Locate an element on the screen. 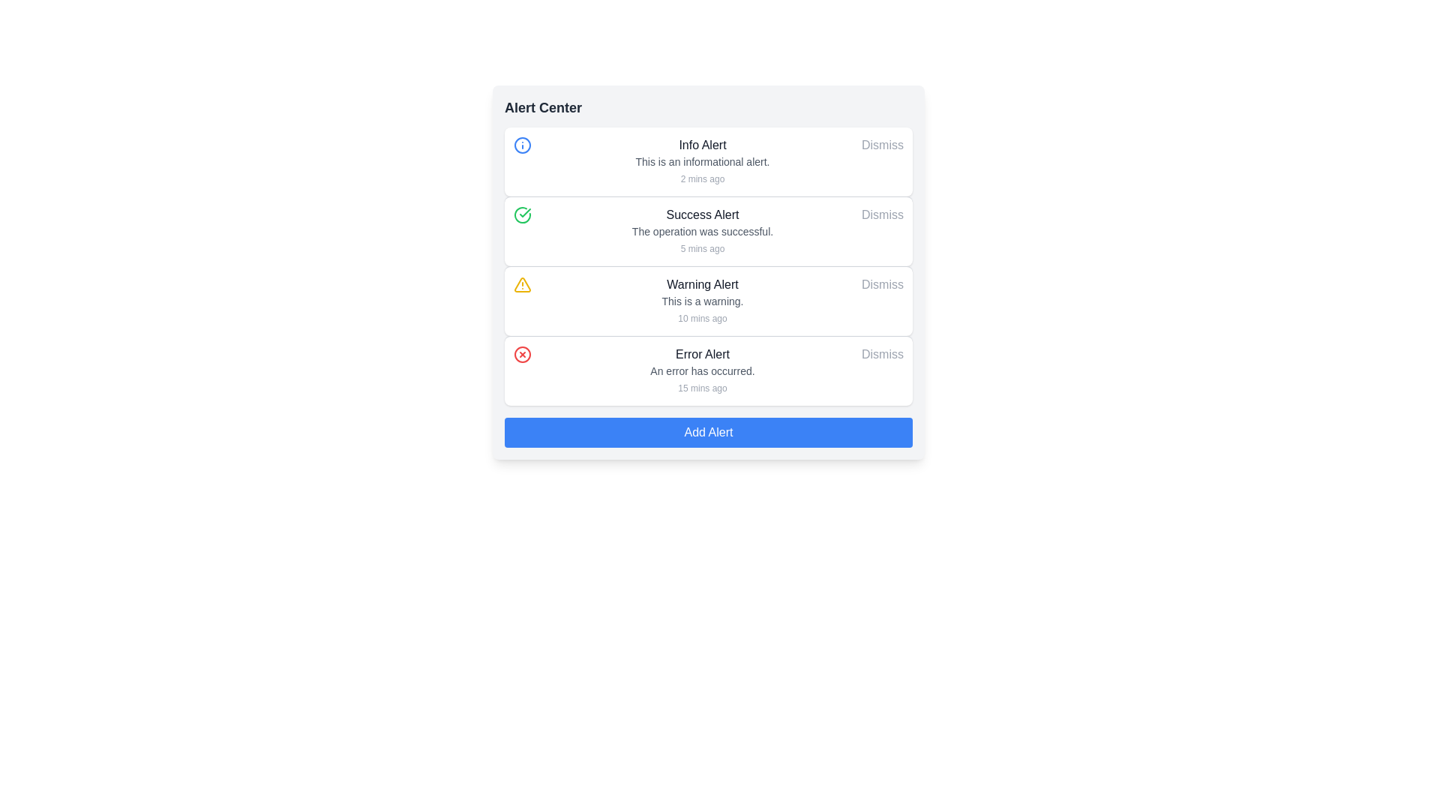 The width and height of the screenshot is (1440, 810). the warning icon located to the left of the 'Warning Alert' text content in the 'Alert Center' panel is located at coordinates (522, 285).